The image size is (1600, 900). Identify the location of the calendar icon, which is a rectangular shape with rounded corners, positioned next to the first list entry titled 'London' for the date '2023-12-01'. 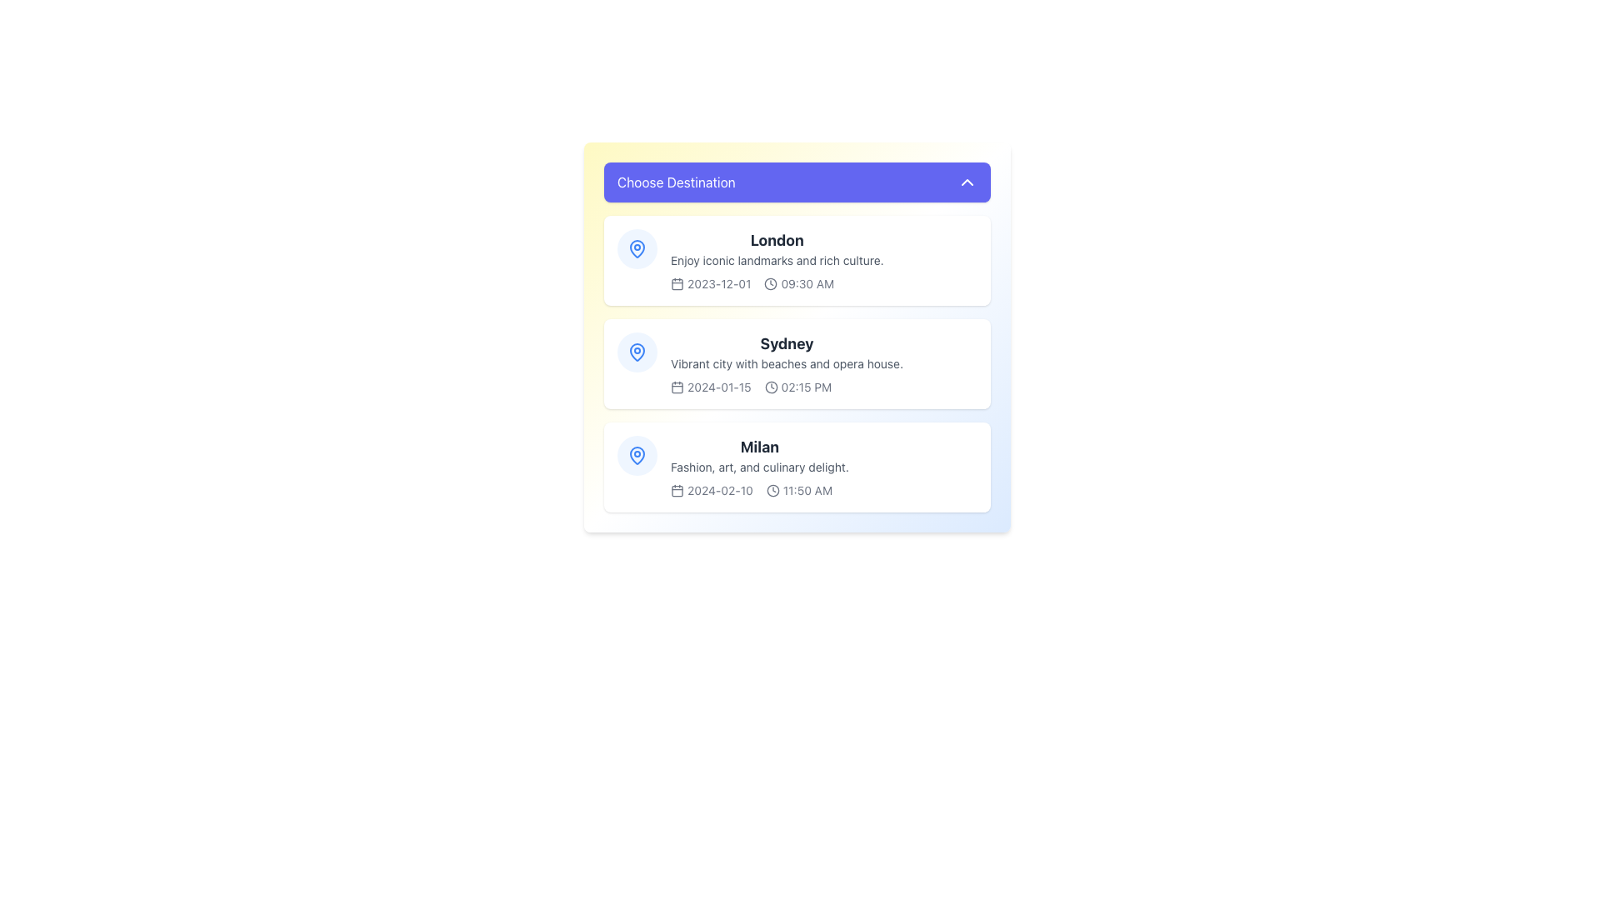
(677, 282).